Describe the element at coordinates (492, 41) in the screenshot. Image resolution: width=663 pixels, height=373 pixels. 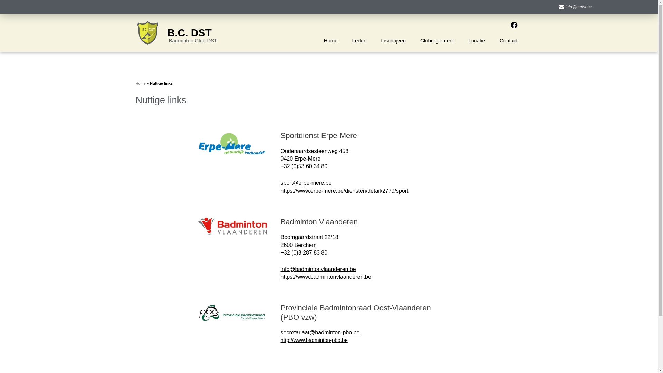
I see `'Contact'` at that location.